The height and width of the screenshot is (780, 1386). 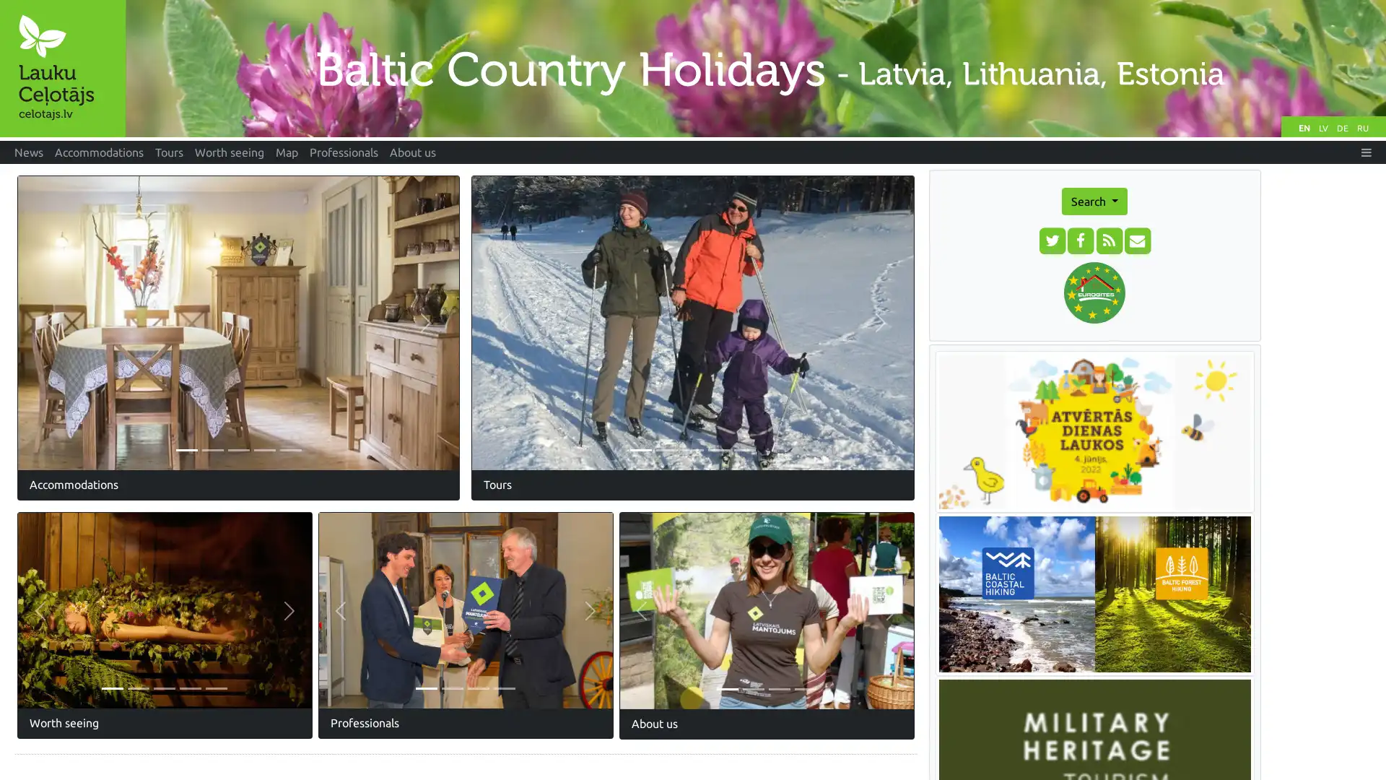 What do you see at coordinates (51, 322) in the screenshot?
I see `Previous` at bounding box center [51, 322].